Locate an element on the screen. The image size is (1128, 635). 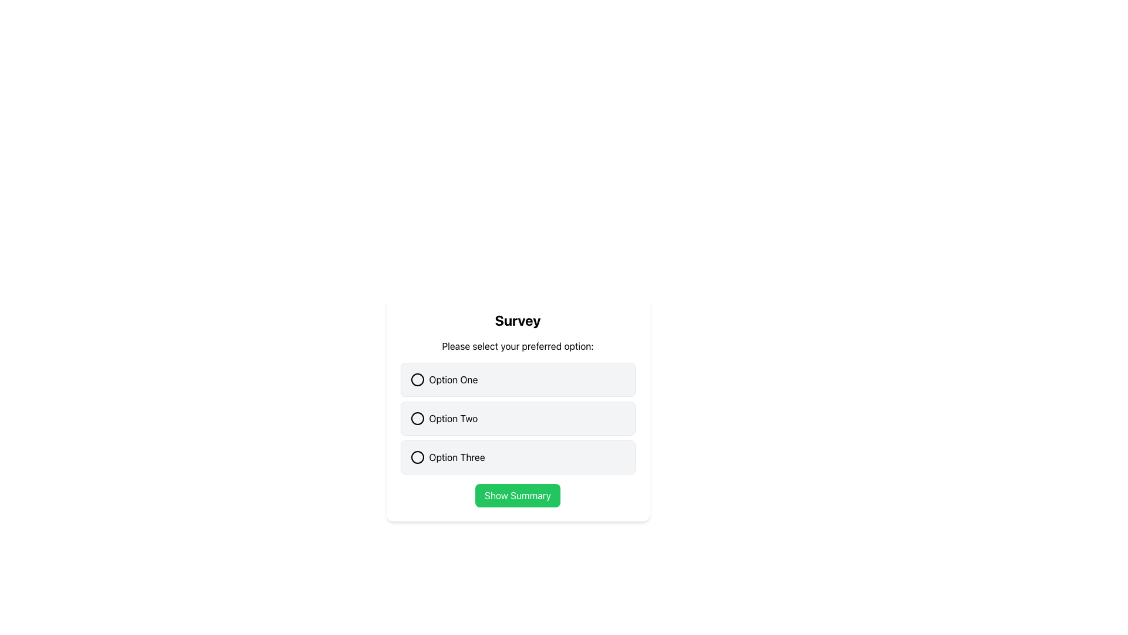
the selectable button labeled 'Option Two' is located at coordinates (517, 418).